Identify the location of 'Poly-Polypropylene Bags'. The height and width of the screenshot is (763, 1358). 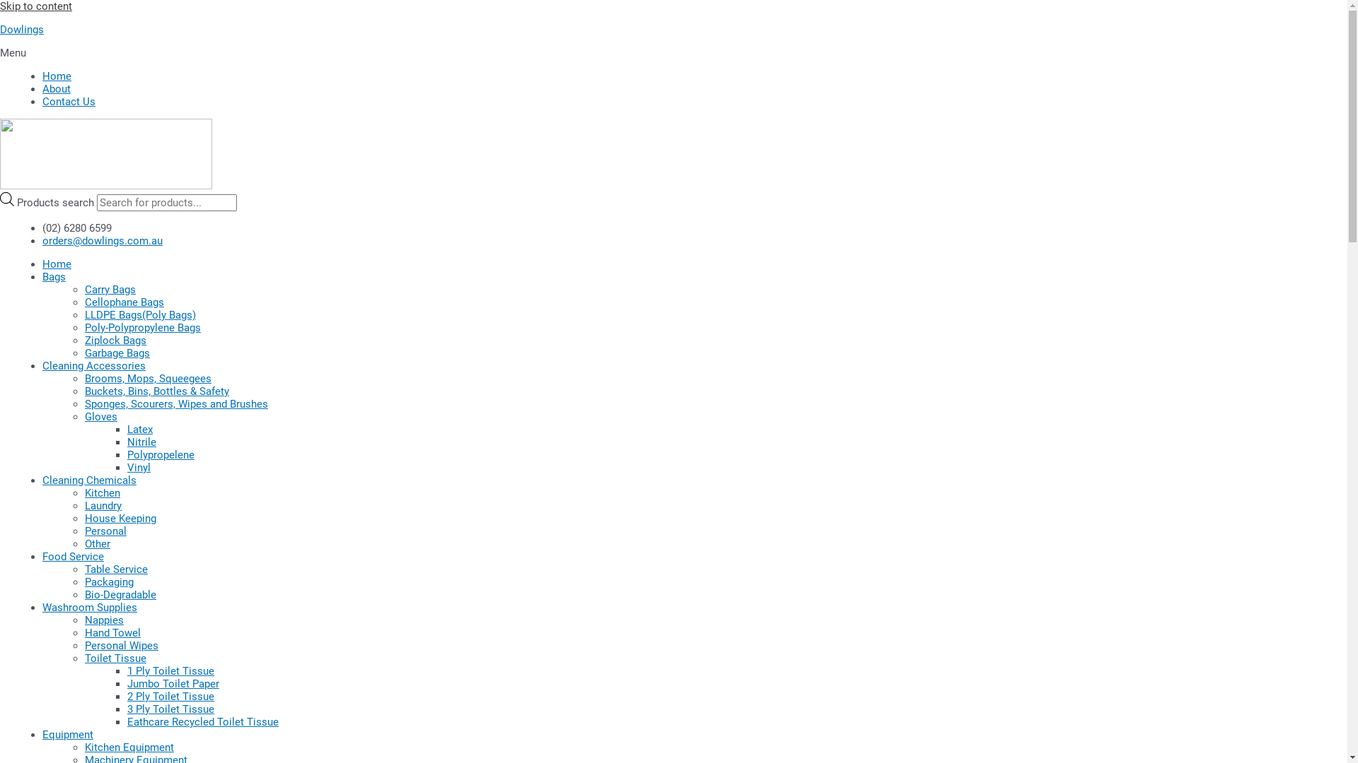
(142, 327).